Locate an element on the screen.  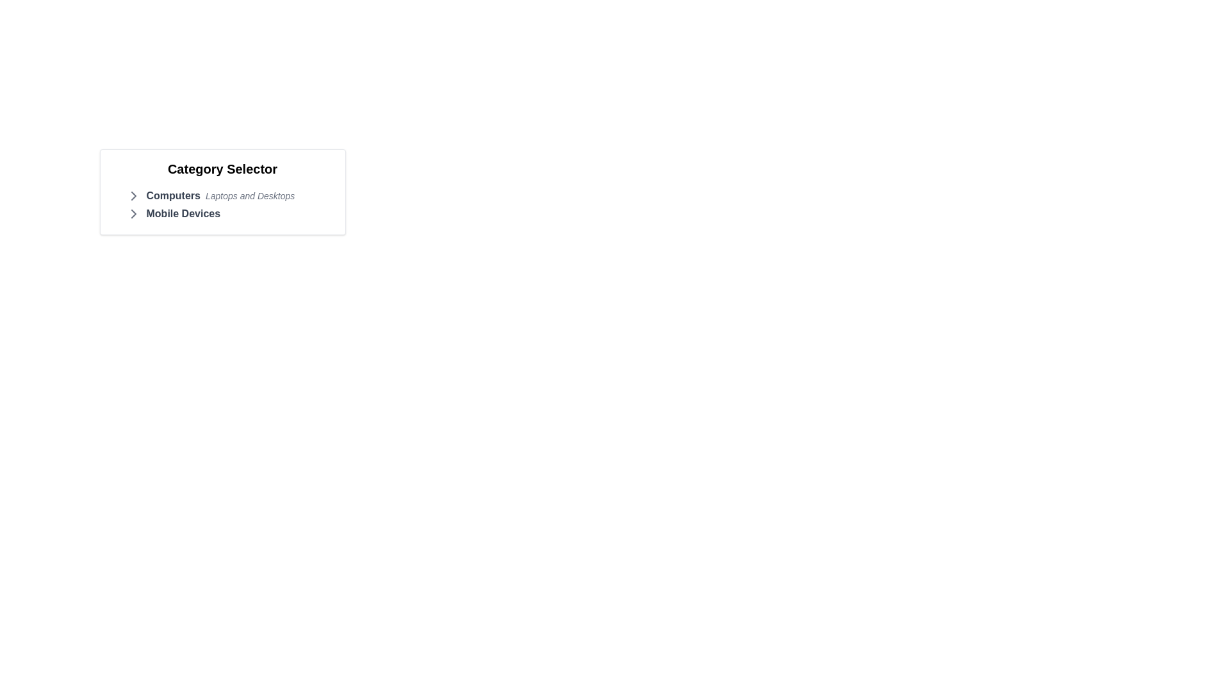
the Text element that serves as a subcategory label within the 'Category Selector' interface, located at the top-left of the first category row is located at coordinates (172, 195).